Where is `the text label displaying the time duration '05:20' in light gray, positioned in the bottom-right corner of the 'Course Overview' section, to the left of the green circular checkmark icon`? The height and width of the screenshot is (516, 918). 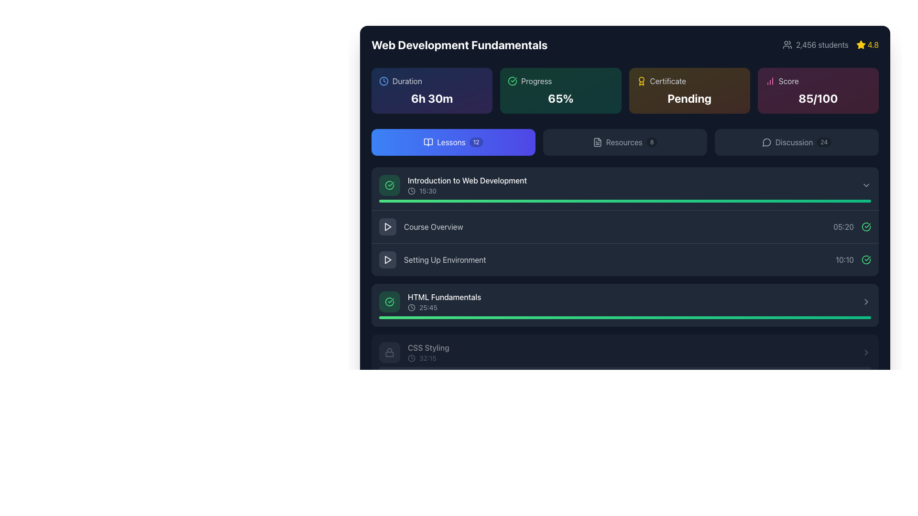
the text label displaying the time duration '05:20' in light gray, positioned in the bottom-right corner of the 'Course Overview' section, to the left of the green circular checkmark icon is located at coordinates (852, 226).